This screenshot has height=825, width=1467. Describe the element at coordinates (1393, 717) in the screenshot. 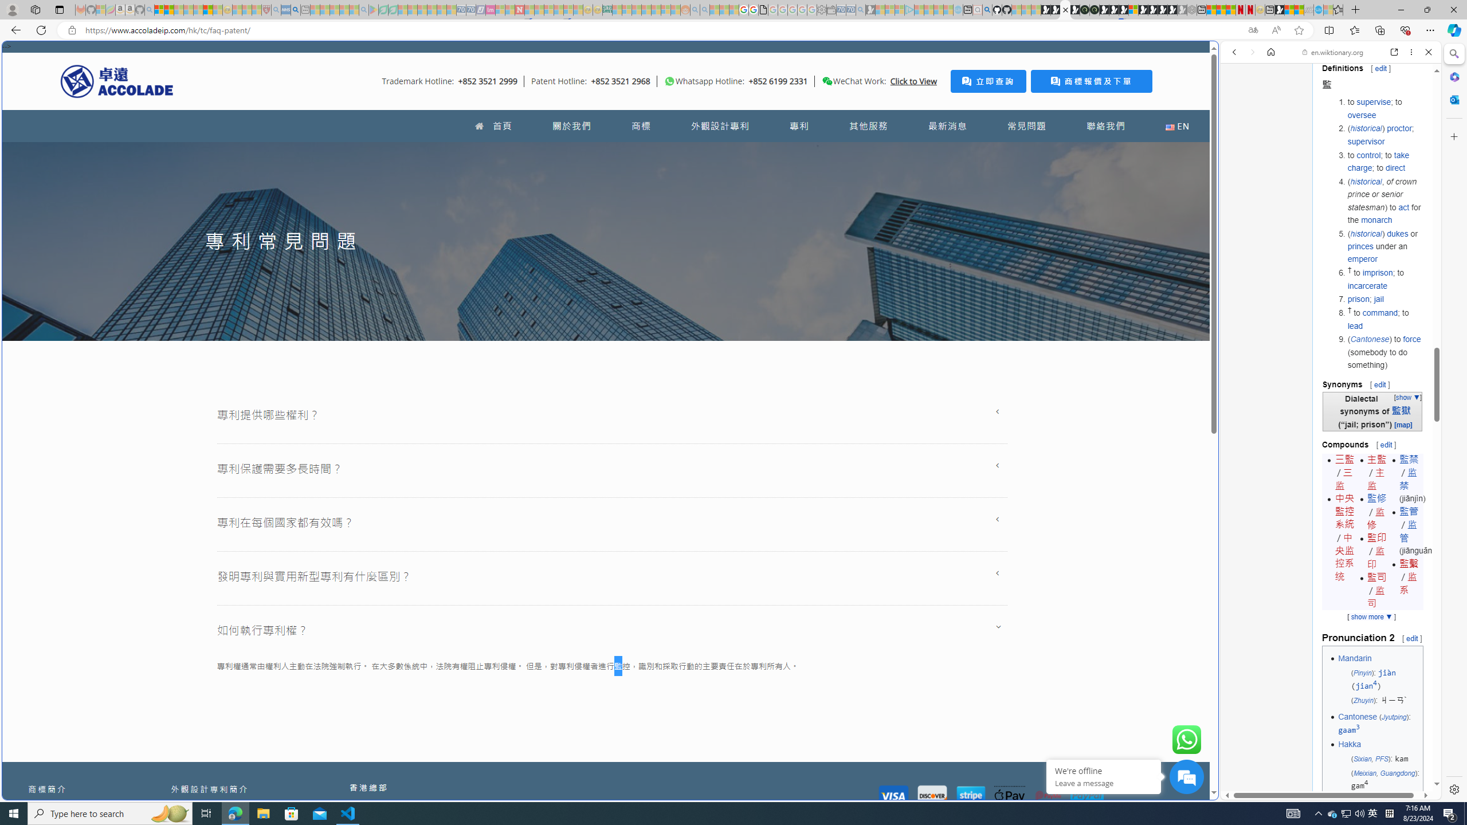

I see `'Jyutping'` at that location.